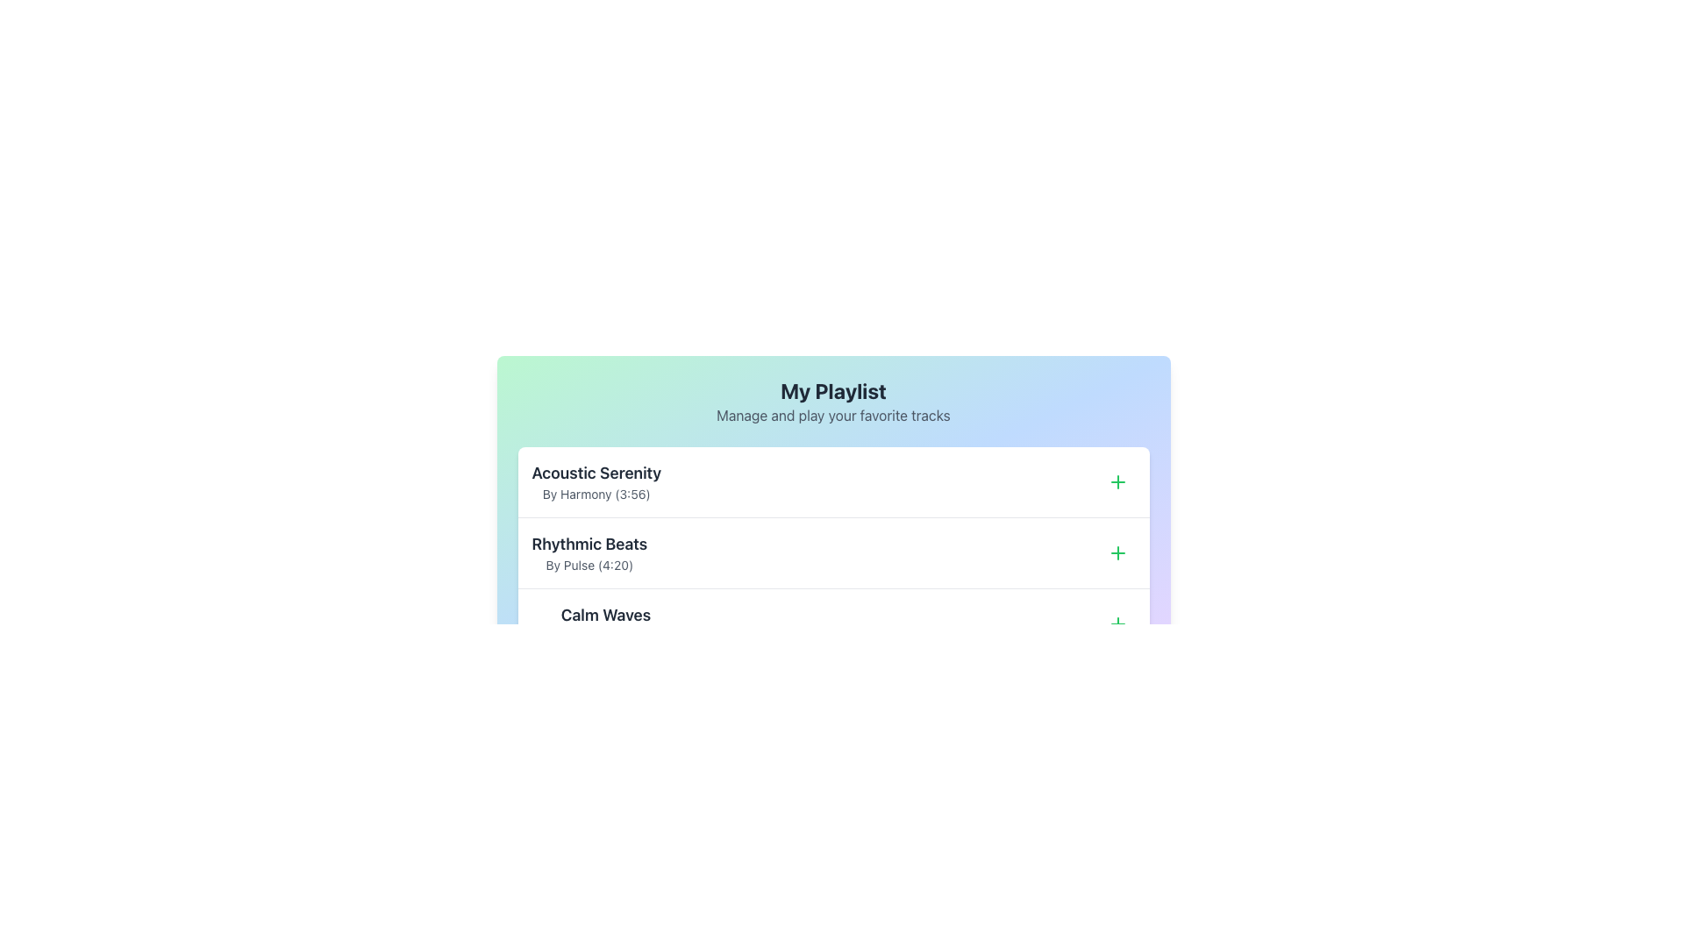  Describe the element at coordinates (1117, 623) in the screenshot. I see `the green-colored plus icon at the end of the 'Calm Waves' list item` at that location.